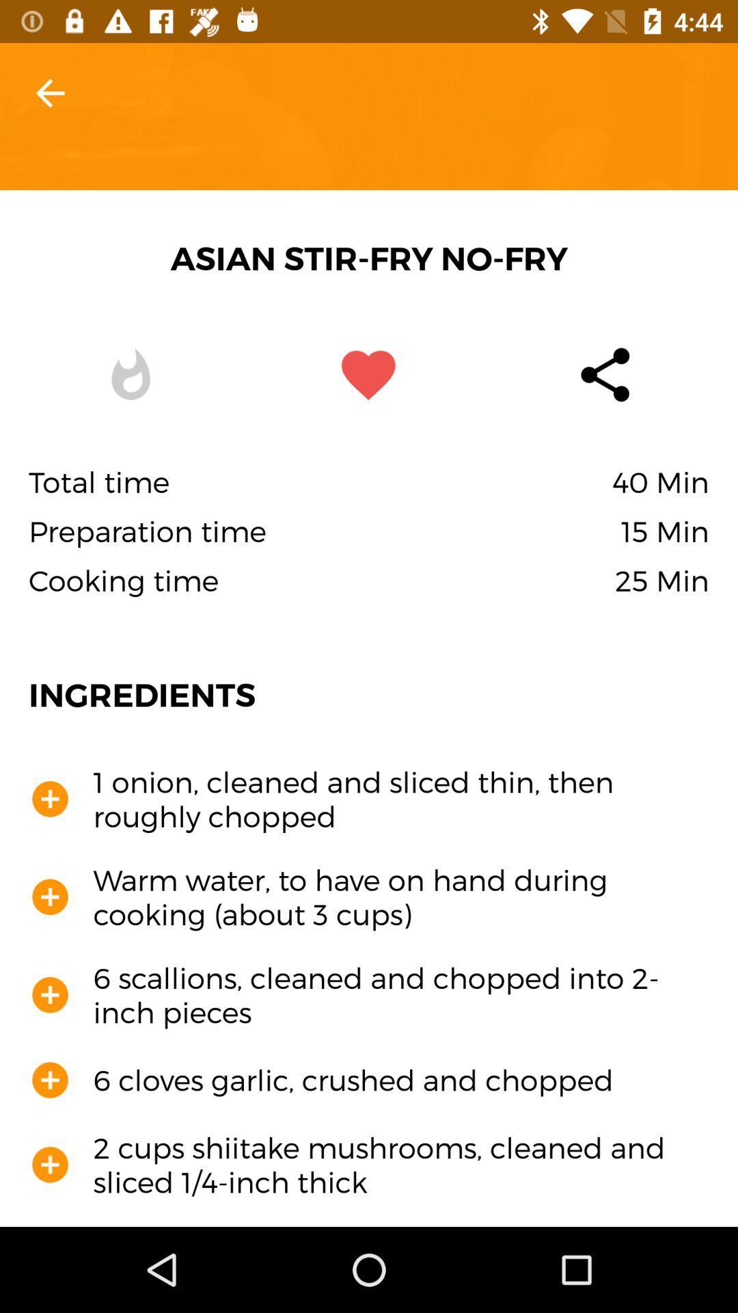 This screenshot has width=738, height=1313. What do you see at coordinates (368, 375) in the screenshot?
I see `the favorite icon` at bounding box center [368, 375].